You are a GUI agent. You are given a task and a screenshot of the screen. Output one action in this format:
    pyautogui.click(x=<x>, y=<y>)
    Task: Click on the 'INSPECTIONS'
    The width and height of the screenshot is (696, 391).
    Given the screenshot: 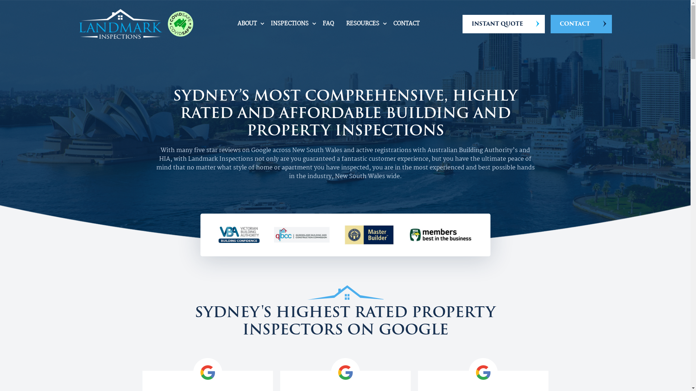 What is the action you would take?
    pyautogui.click(x=289, y=24)
    